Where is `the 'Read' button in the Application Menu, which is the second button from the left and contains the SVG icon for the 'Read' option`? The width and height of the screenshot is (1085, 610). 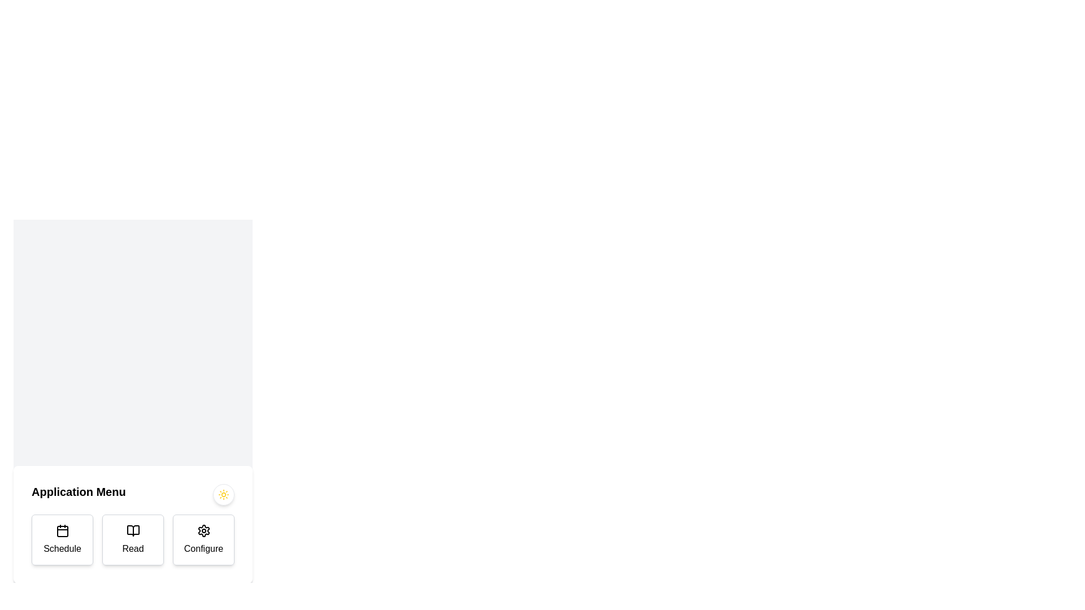 the 'Read' button in the Application Menu, which is the second button from the left and contains the SVG icon for the 'Read' option is located at coordinates (133, 531).